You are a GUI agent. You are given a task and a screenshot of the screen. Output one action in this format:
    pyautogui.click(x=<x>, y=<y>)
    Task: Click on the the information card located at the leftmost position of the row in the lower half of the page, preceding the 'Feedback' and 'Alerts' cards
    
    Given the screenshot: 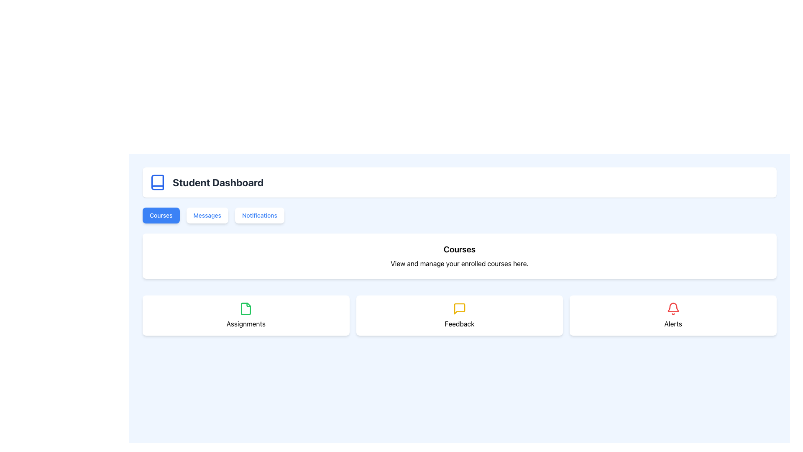 What is the action you would take?
    pyautogui.click(x=246, y=315)
    